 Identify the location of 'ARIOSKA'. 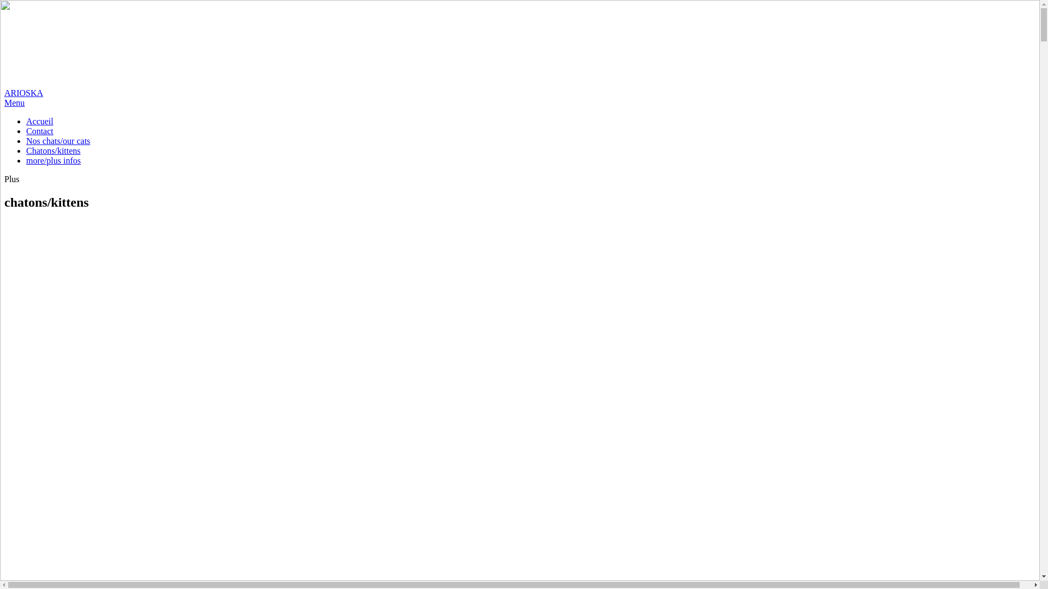
(4, 51).